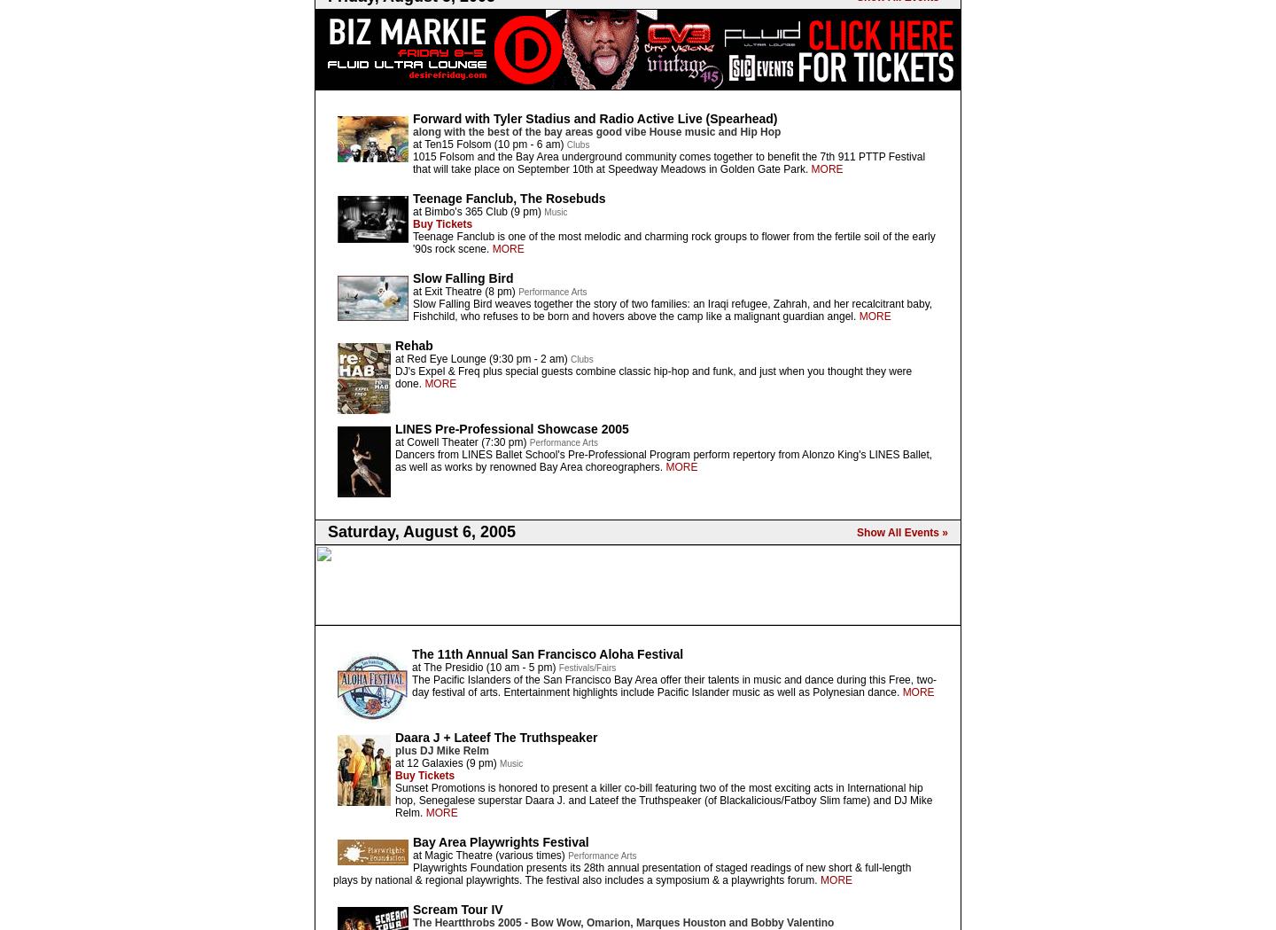 The height and width of the screenshot is (930, 1276). Describe the element at coordinates (595, 118) in the screenshot. I see `'Forward with Tyler Stadius and Radio Active Live (Spearhead)'` at that location.